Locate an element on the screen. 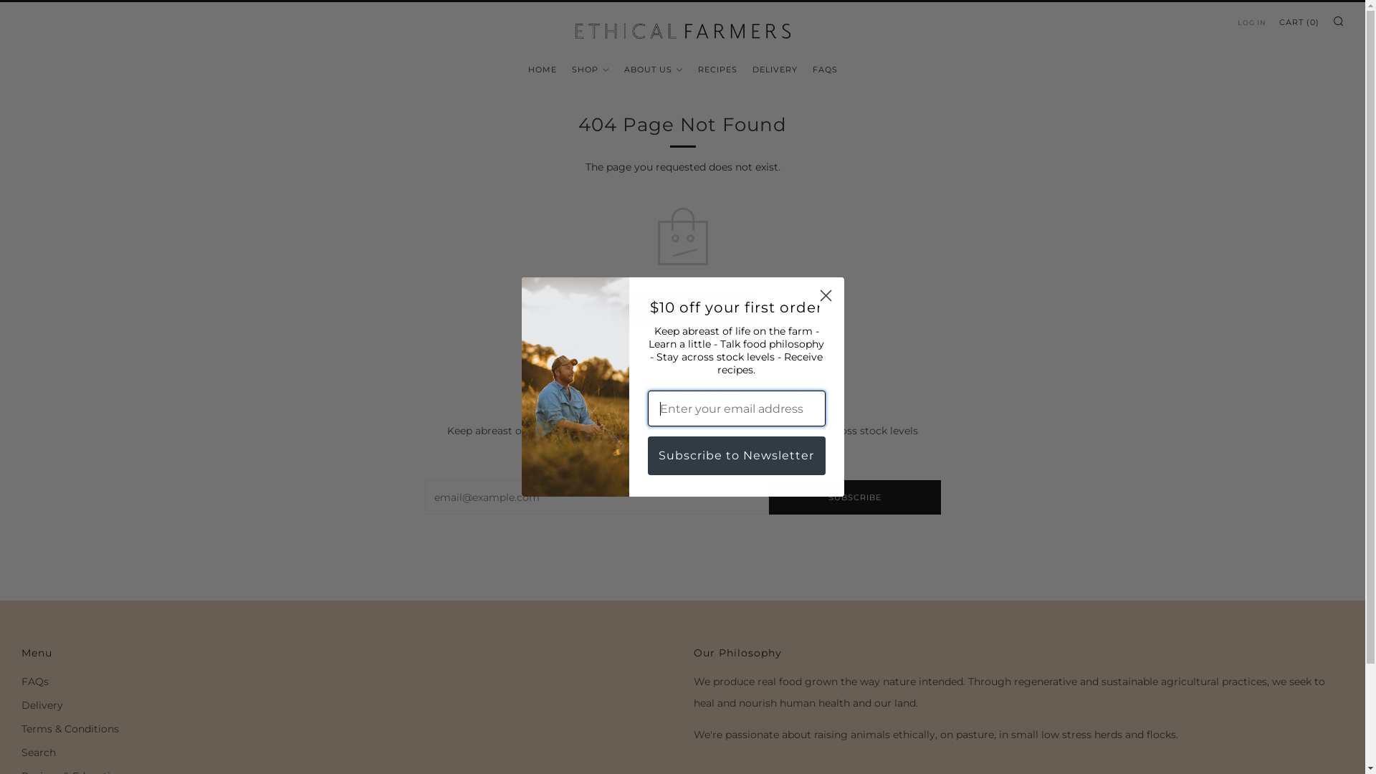 This screenshot has width=1376, height=774. 'LOG IN' is located at coordinates (1251, 22).